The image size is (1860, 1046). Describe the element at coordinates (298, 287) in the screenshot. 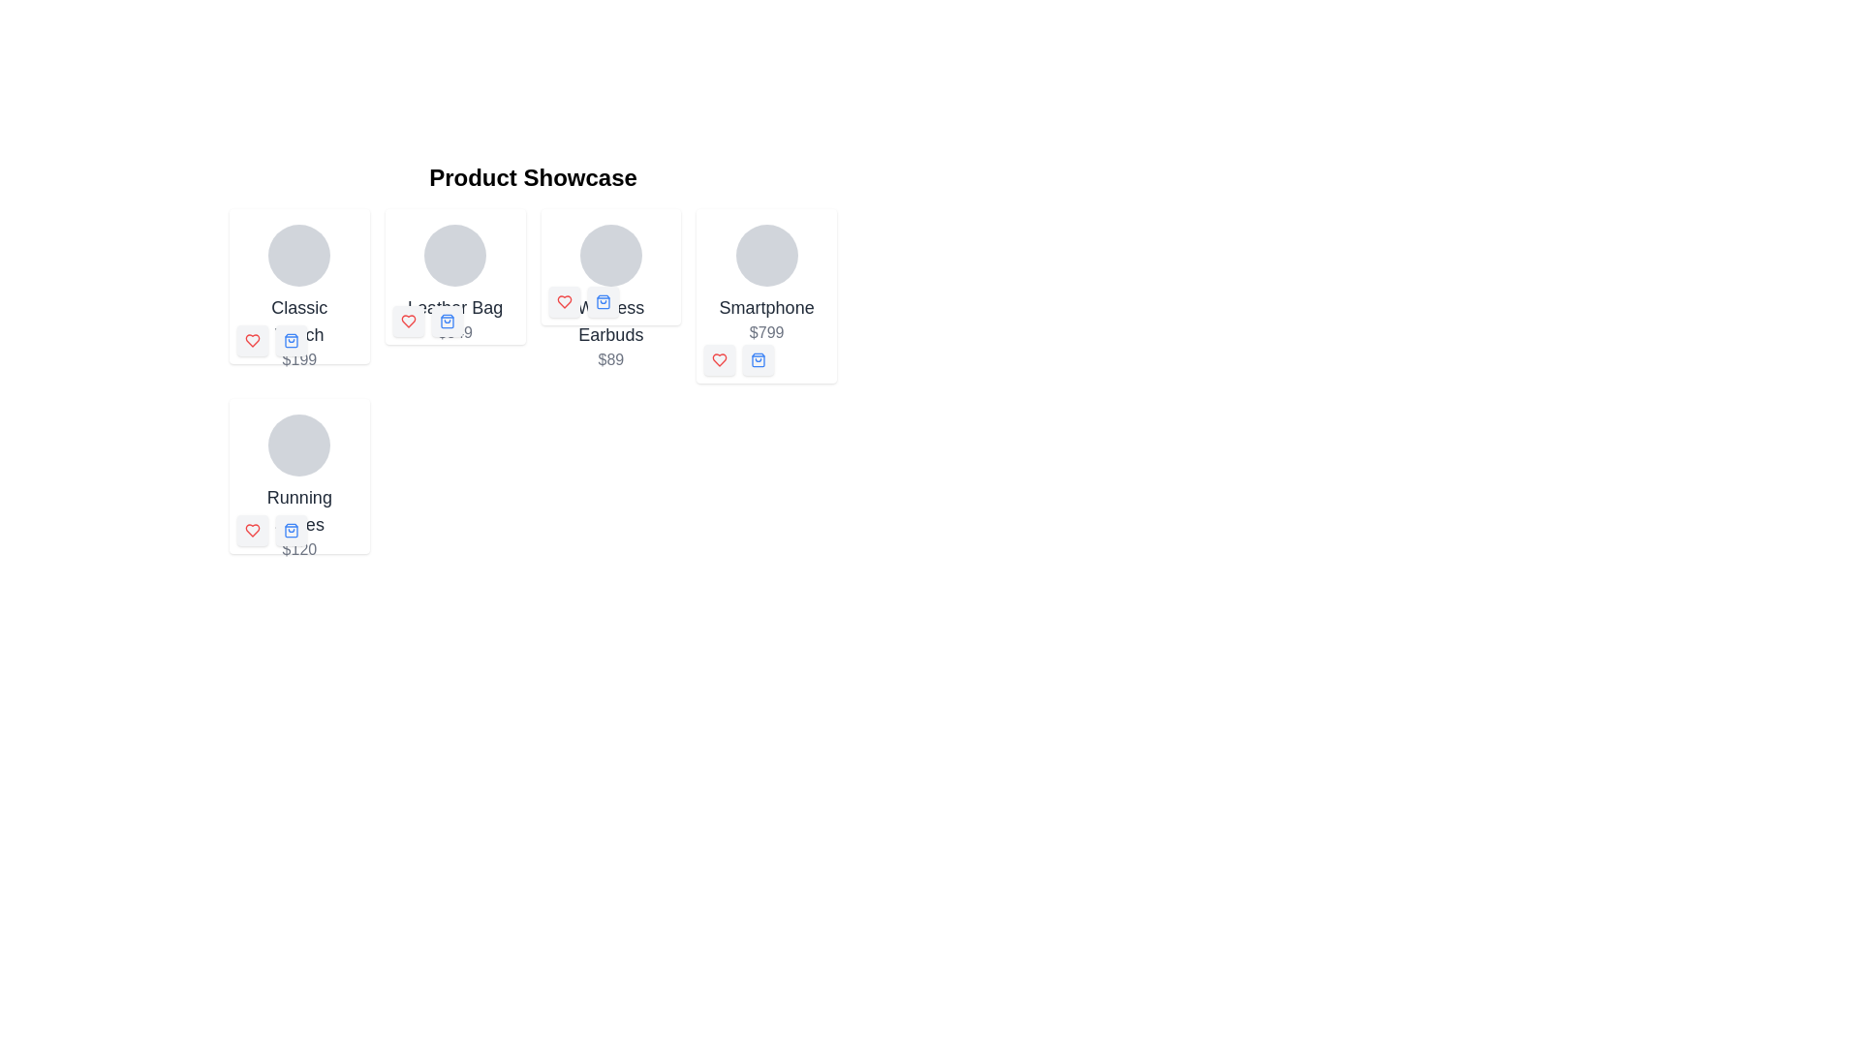

I see `the product details card located in the first row, first column of the product showcase grid, which displays product information including the name, icon, and price` at that location.